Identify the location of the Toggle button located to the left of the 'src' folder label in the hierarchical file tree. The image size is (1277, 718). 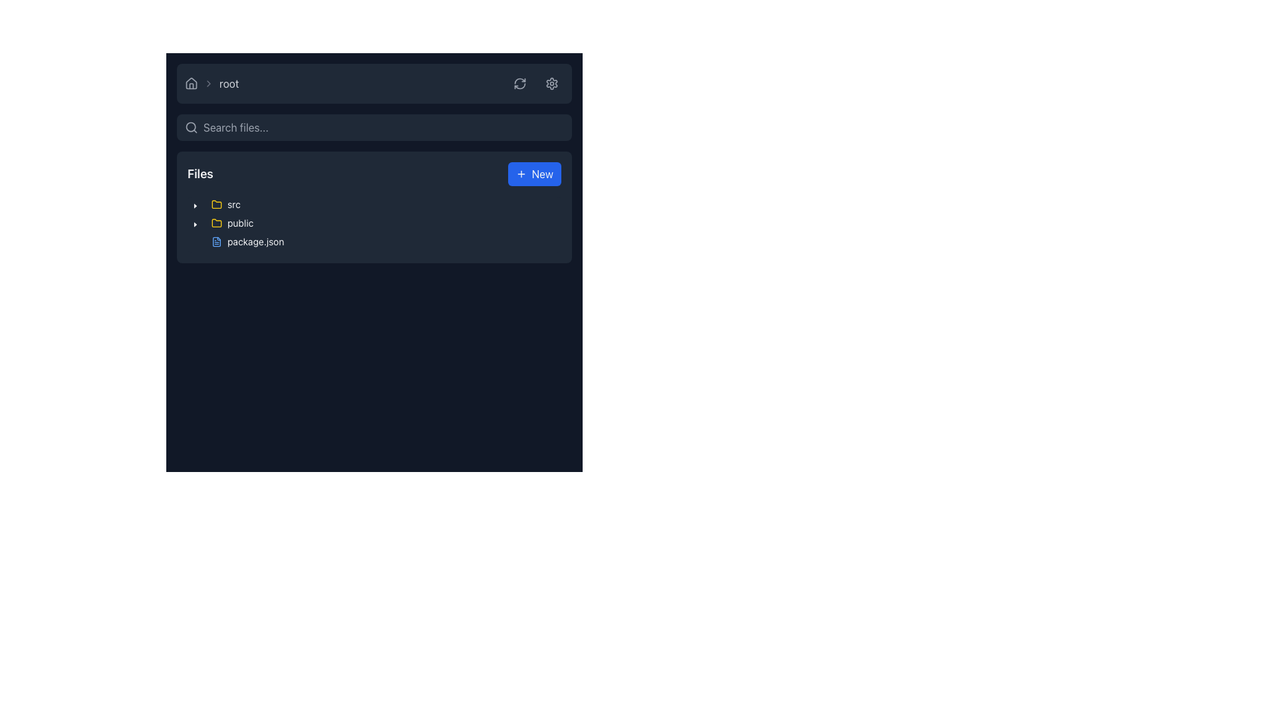
(194, 205).